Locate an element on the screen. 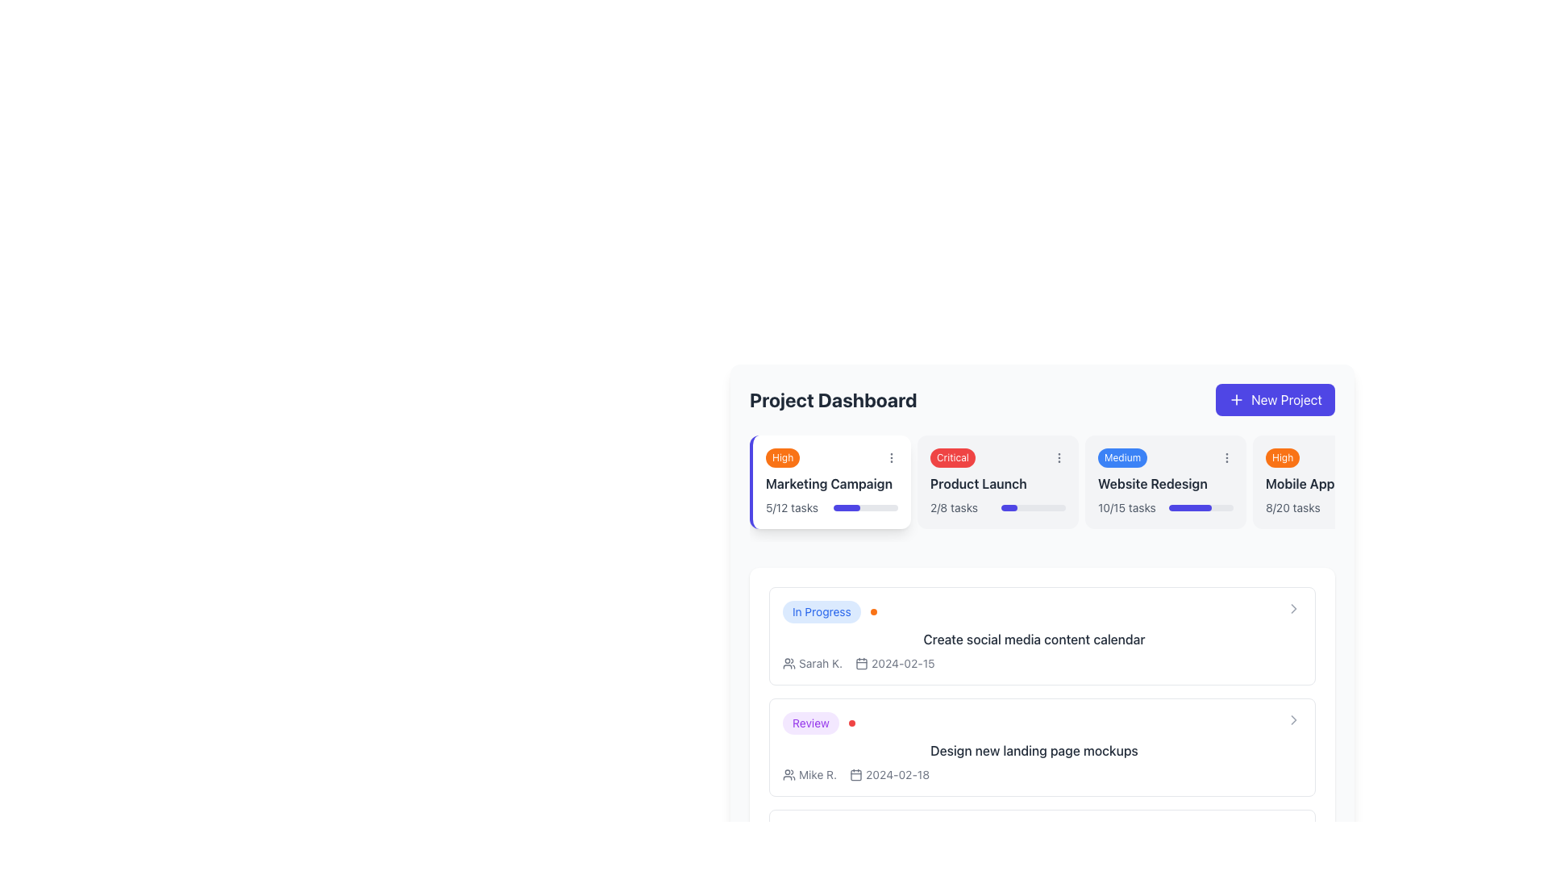 The width and height of the screenshot is (1548, 871). the 'Marketing Campaign' text label, which is a bold dark gray label positioned as the second text component in a white card with rounded corners is located at coordinates (832, 483).